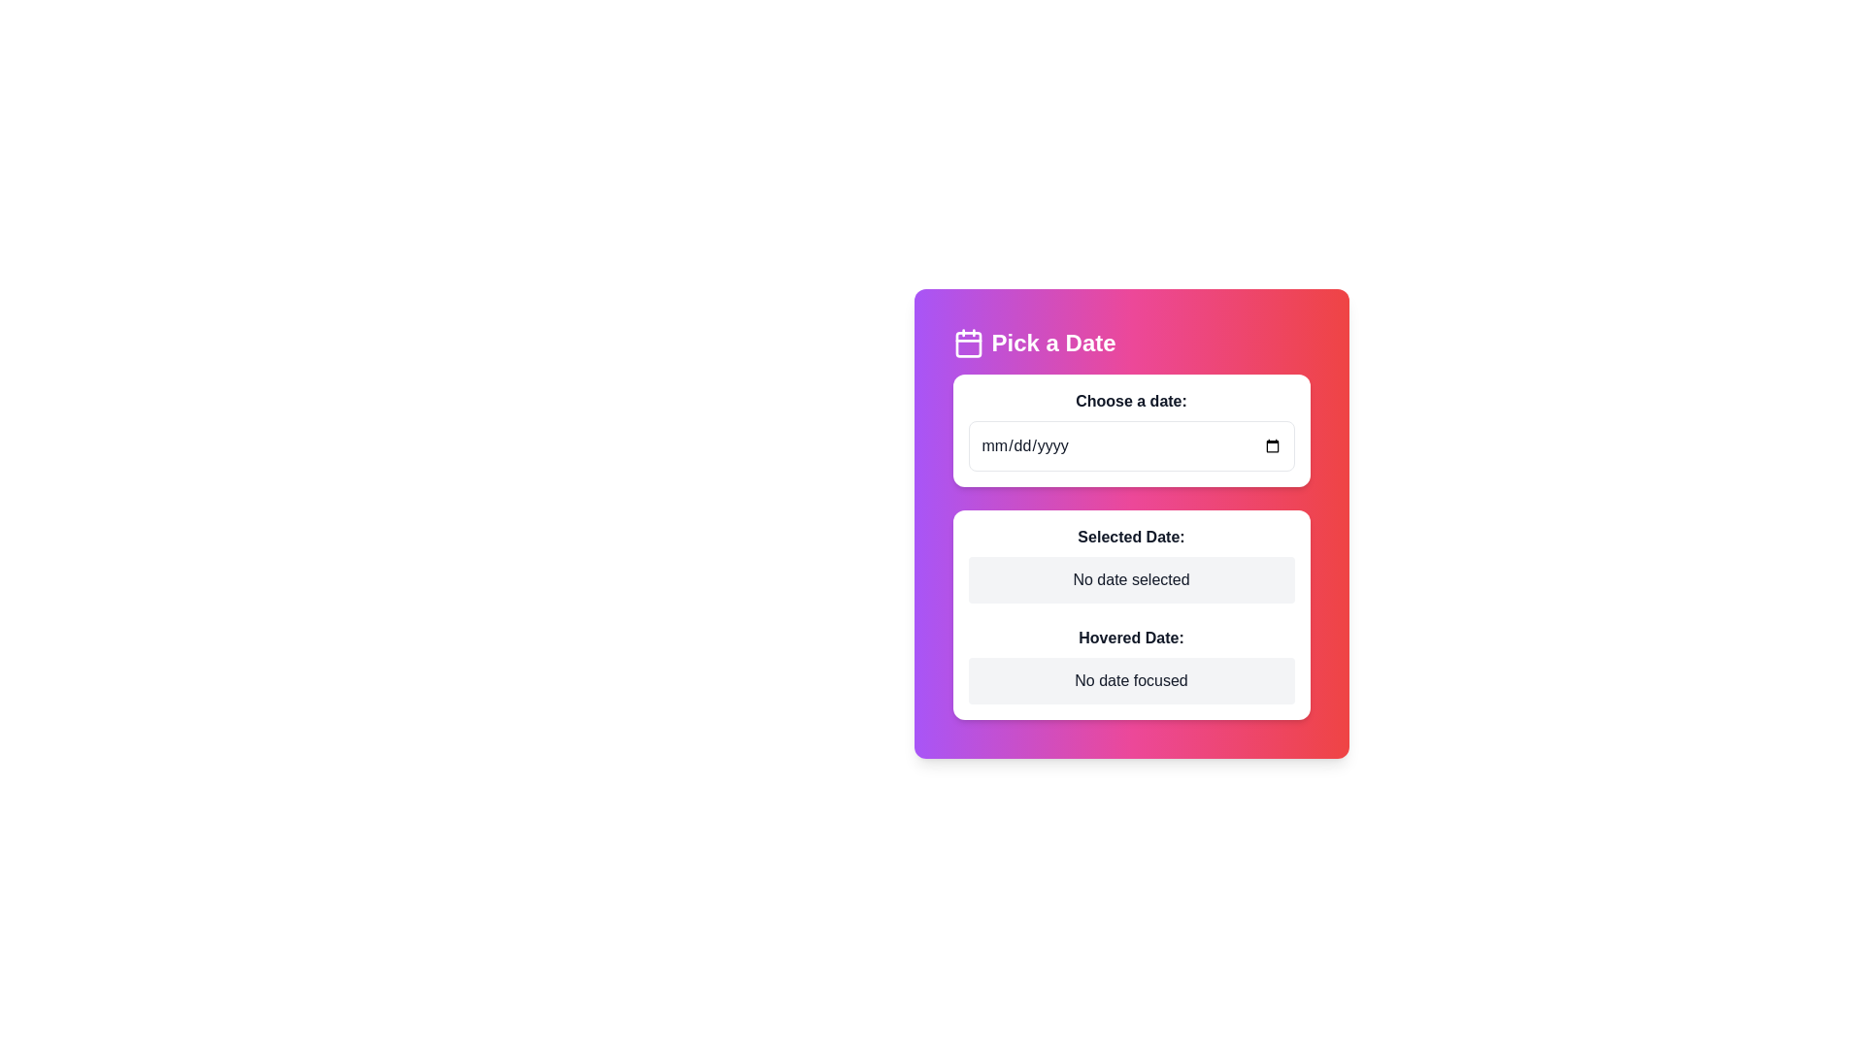 The width and height of the screenshot is (1864, 1048). What do you see at coordinates (1131, 343) in the screenshot?
I see `the header element titled 'Pick a Date', which features a gradient background from purple to red and a calendar icon on the left` at bounding box center [1131, 343].